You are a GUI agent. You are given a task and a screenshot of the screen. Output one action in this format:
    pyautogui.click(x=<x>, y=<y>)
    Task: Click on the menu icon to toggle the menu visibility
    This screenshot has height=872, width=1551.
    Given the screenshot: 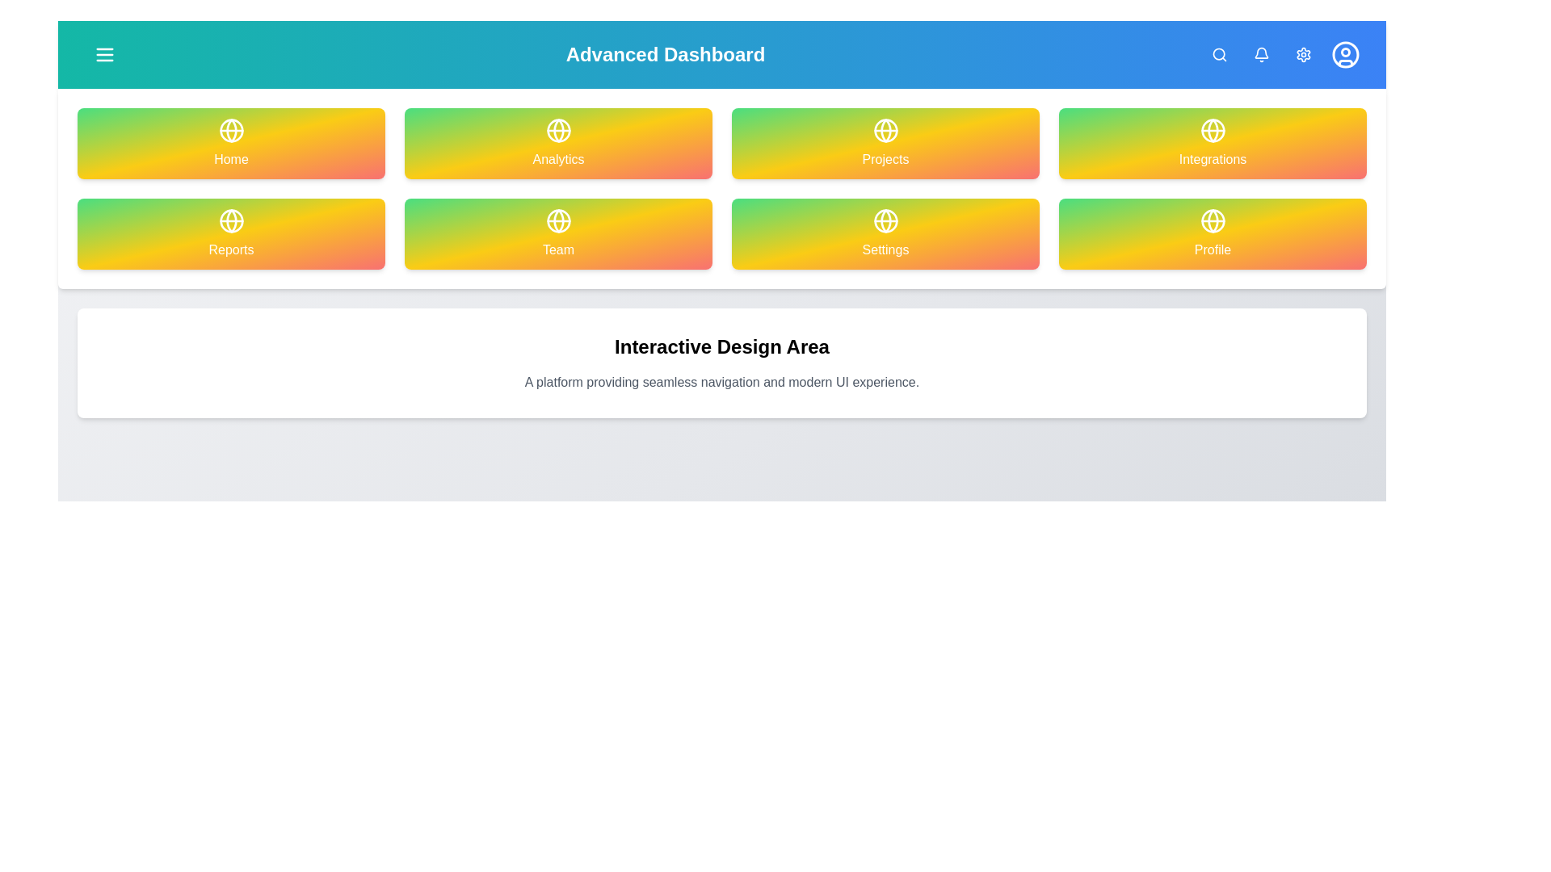 What is the action you would take?
    pyautogui.click(x=103, y=54)
    